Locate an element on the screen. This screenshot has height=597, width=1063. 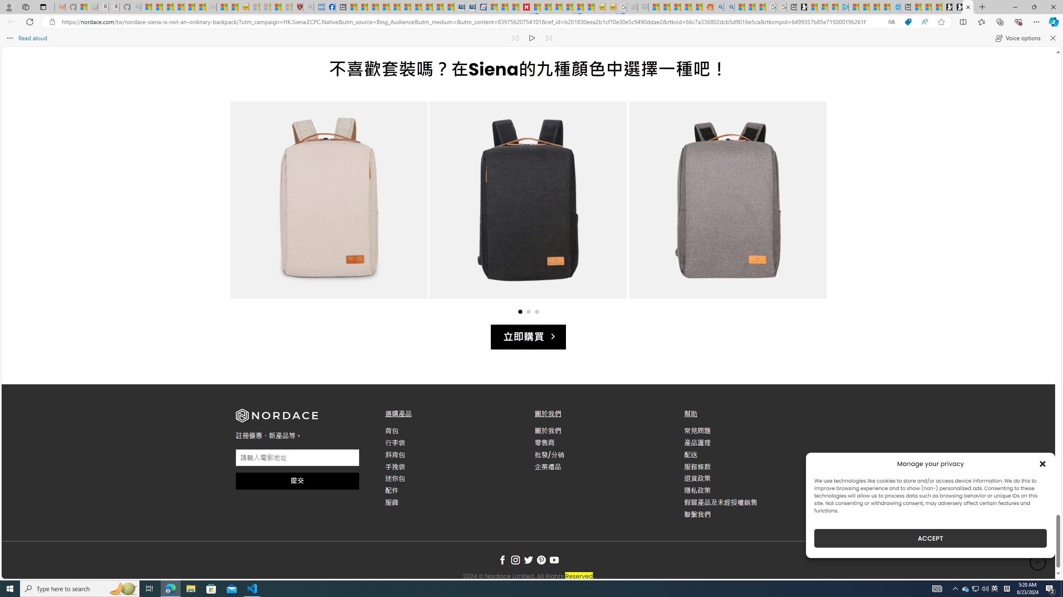
'Page dot 2' is located at coordinates (528, 311).